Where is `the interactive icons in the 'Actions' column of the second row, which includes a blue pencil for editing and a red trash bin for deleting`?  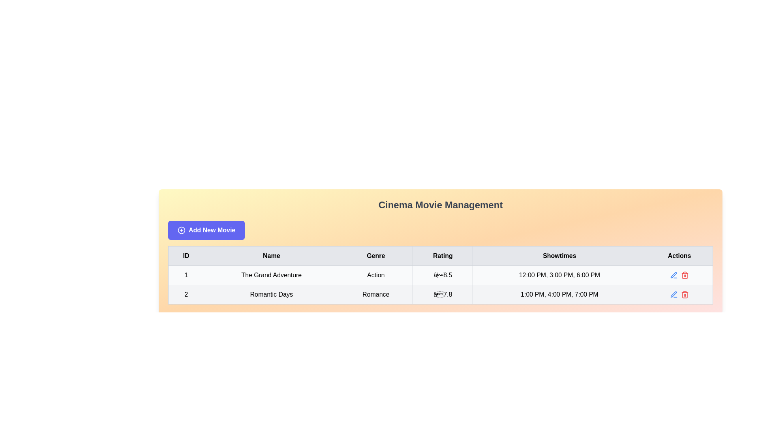
the interactive icons in the 'Actions' column of the second row, which includes a blue pencil for editing and a red trash bin for deleting is located at coordinates (679, 295).